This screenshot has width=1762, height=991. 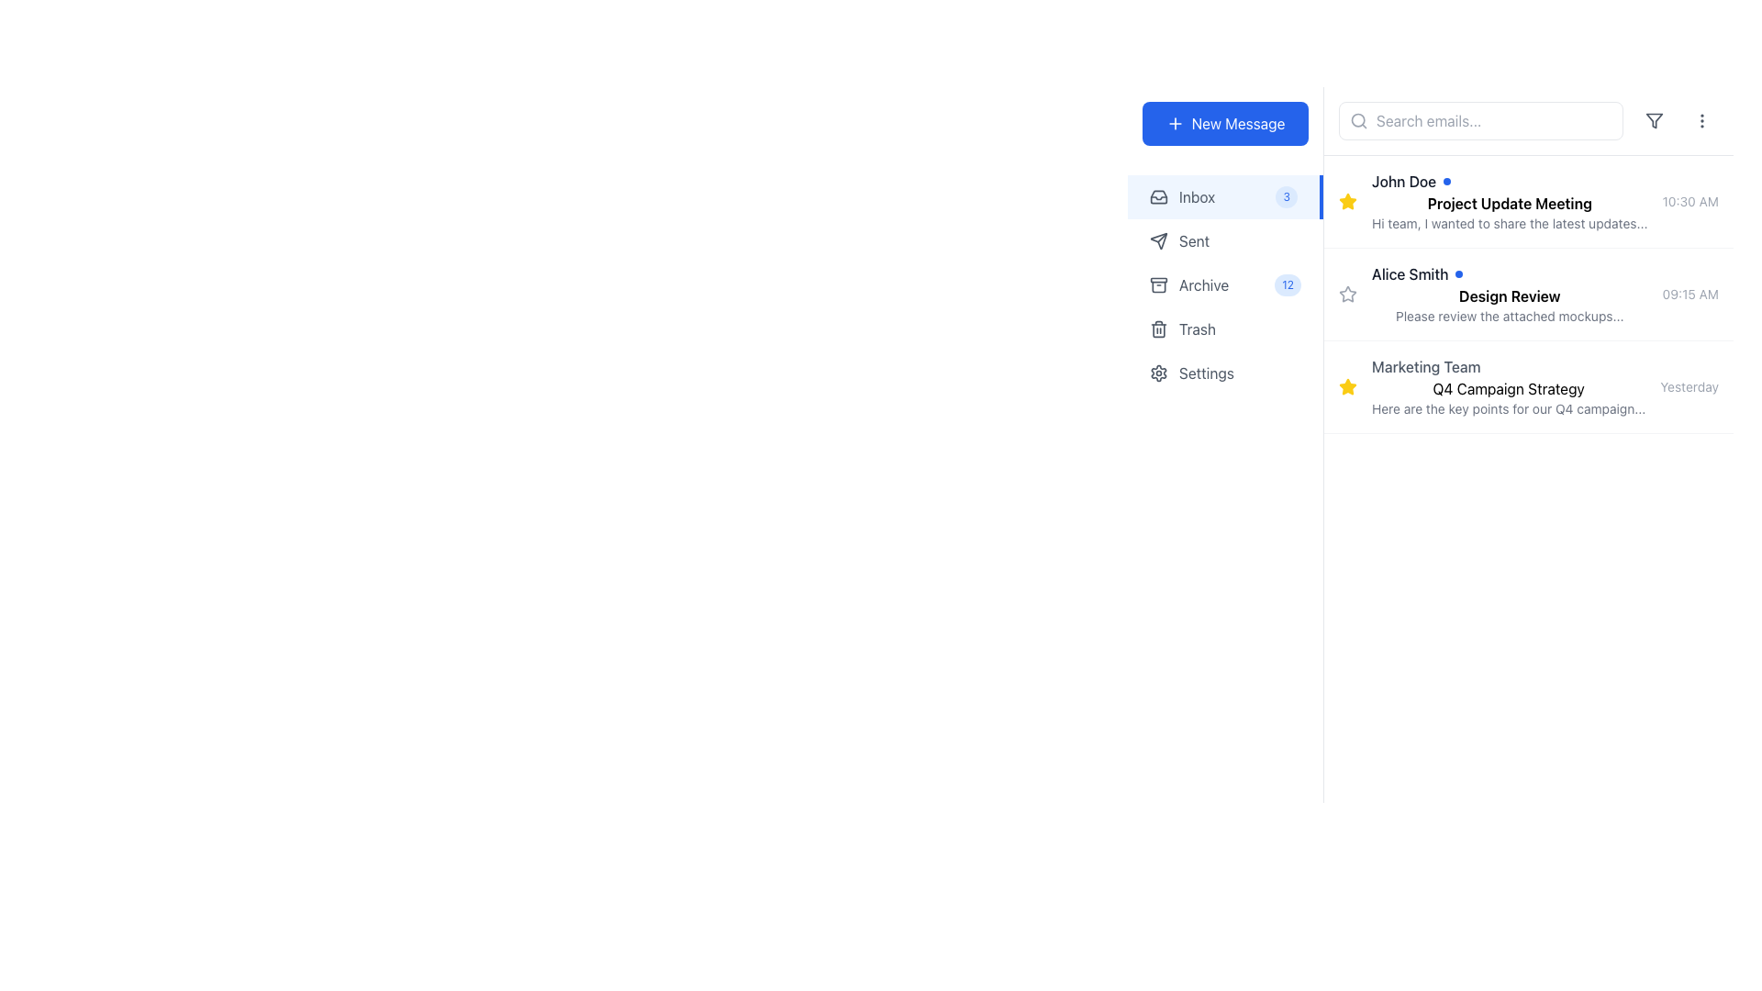 I want to click on the vertical line within the trash bin icon located in the navigation panel, which is styled as an outline with no fill and a stroke color similar to the surrounding theme, so click(x=1157, y=328).